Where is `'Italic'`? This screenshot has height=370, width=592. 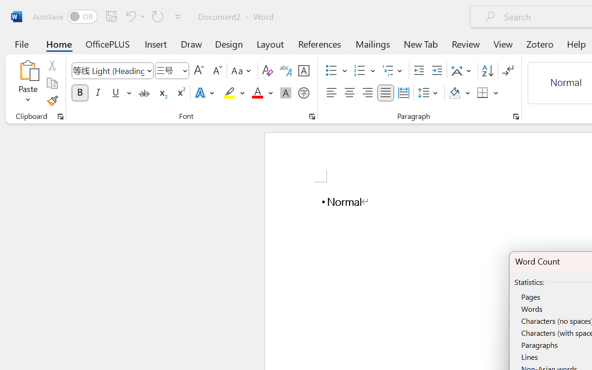
'Italic' is located at coordinates (98, 93).